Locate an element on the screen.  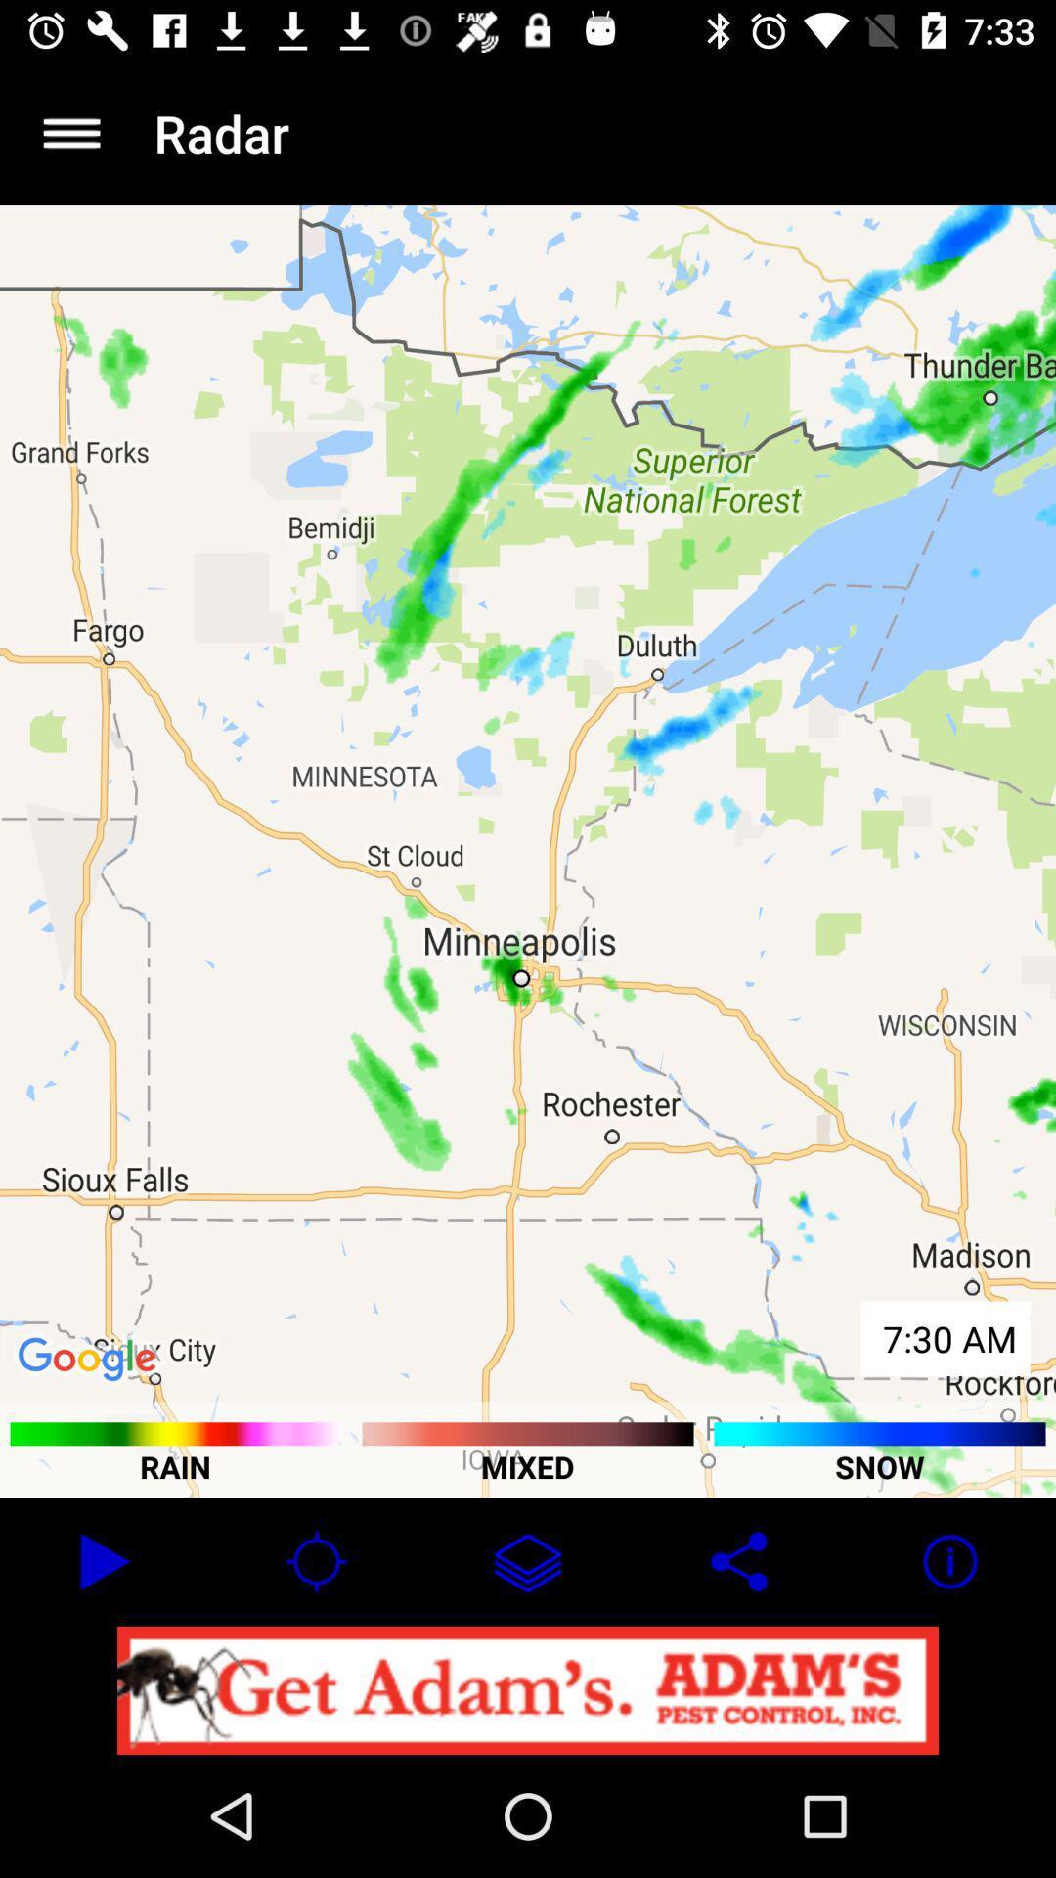
the menu icon is located at coordinates (70, 132).